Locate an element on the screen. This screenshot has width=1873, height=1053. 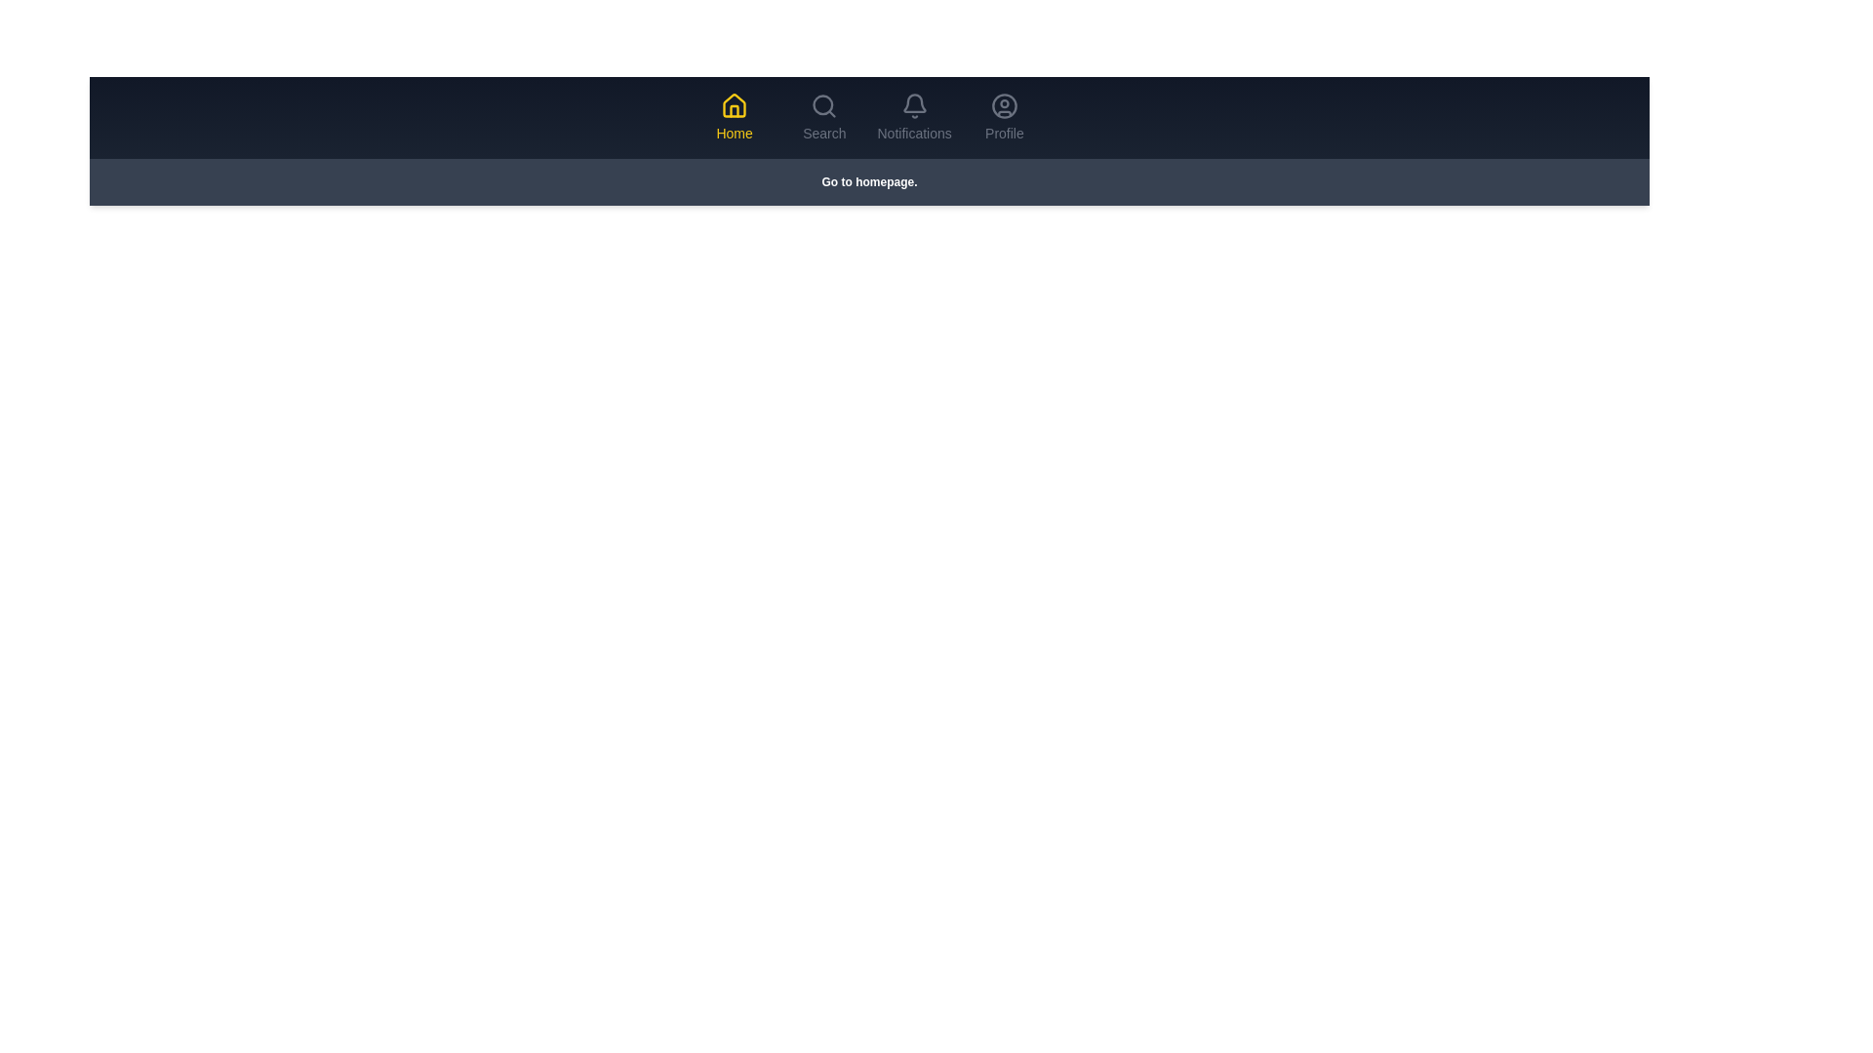
the Home tab to view its content is located at coordinates (734, 117).